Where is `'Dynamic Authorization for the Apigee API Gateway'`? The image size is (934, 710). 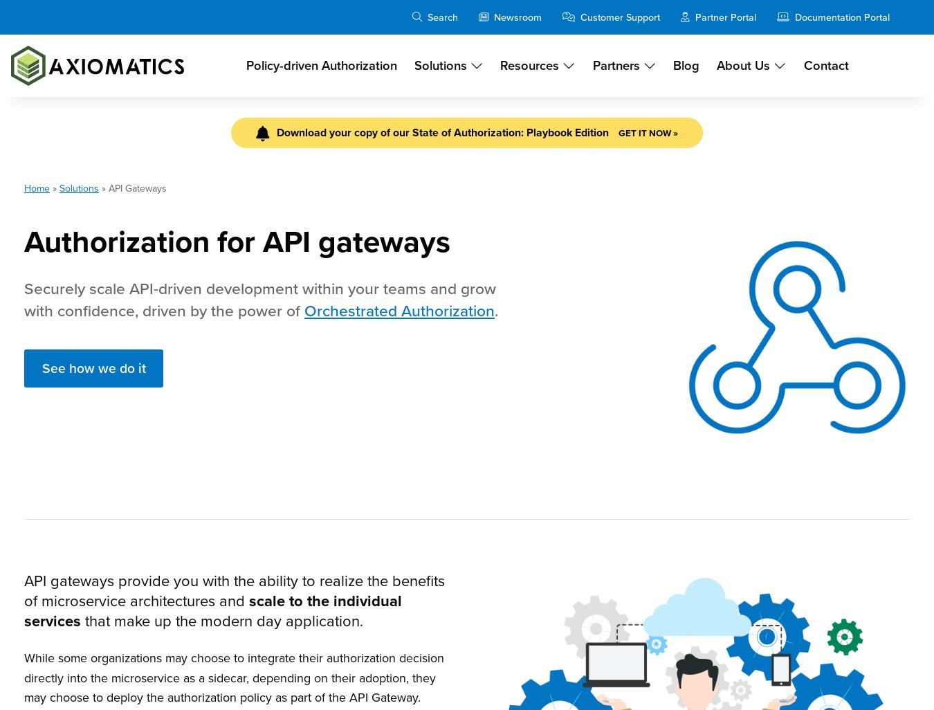
'Dynamic Authorization for the Apigee API Gateway' is located at coordinates (117, 304).